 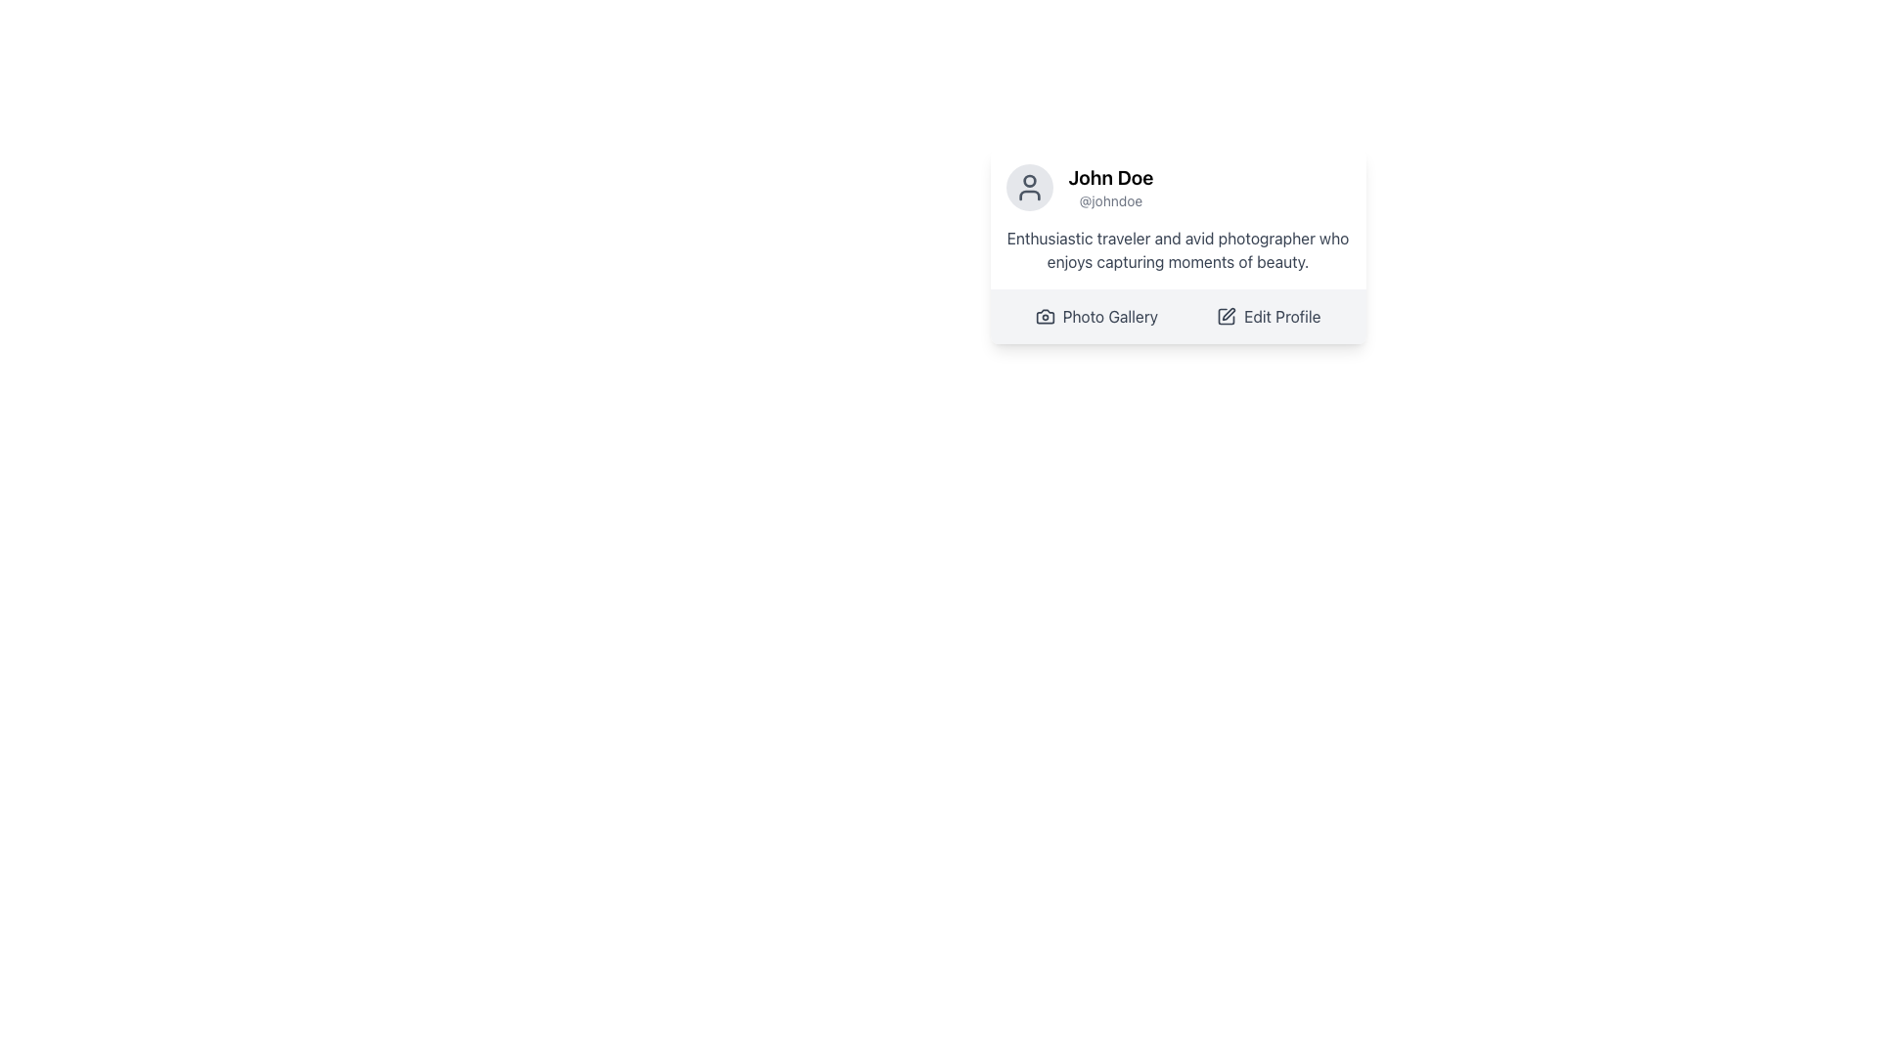 I want to click on the circular user profile icon with a light gray background, containing a dark gray head and shoulders outline, located at the top left corner of the profile card, next to the name 'John Doe' and username '@johndoe', so click(x=1028, y=188).